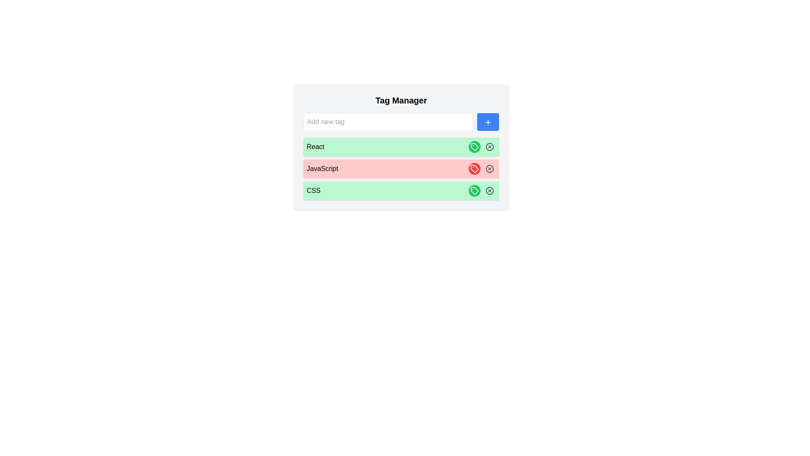 This screenshot has height=456, width=810. I want to click on the tag labeled CSS, so click(474, 190).